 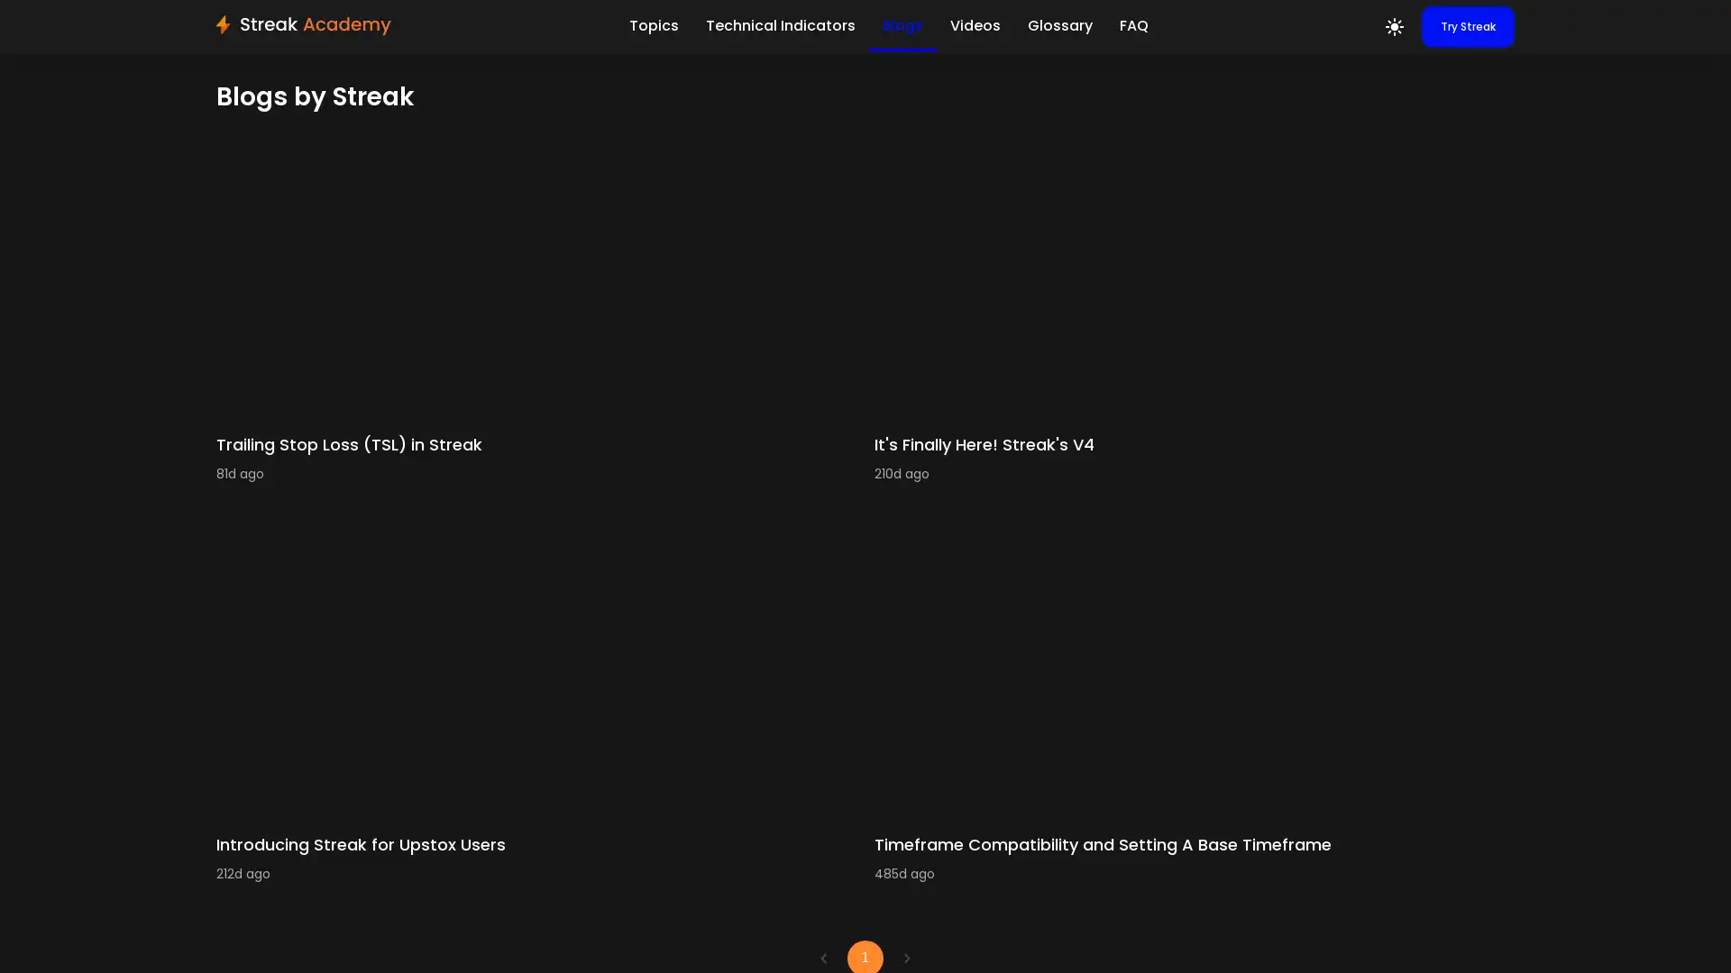 I want to click on FAQ, so click(x=1132, y=24).